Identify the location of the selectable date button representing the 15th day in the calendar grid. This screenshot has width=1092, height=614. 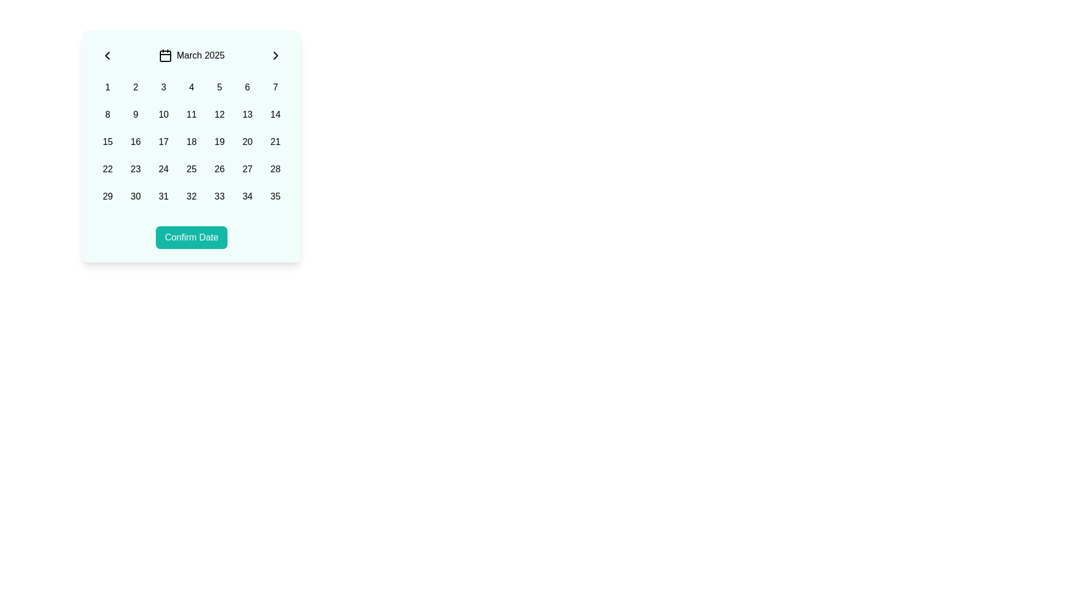
(107, 142).